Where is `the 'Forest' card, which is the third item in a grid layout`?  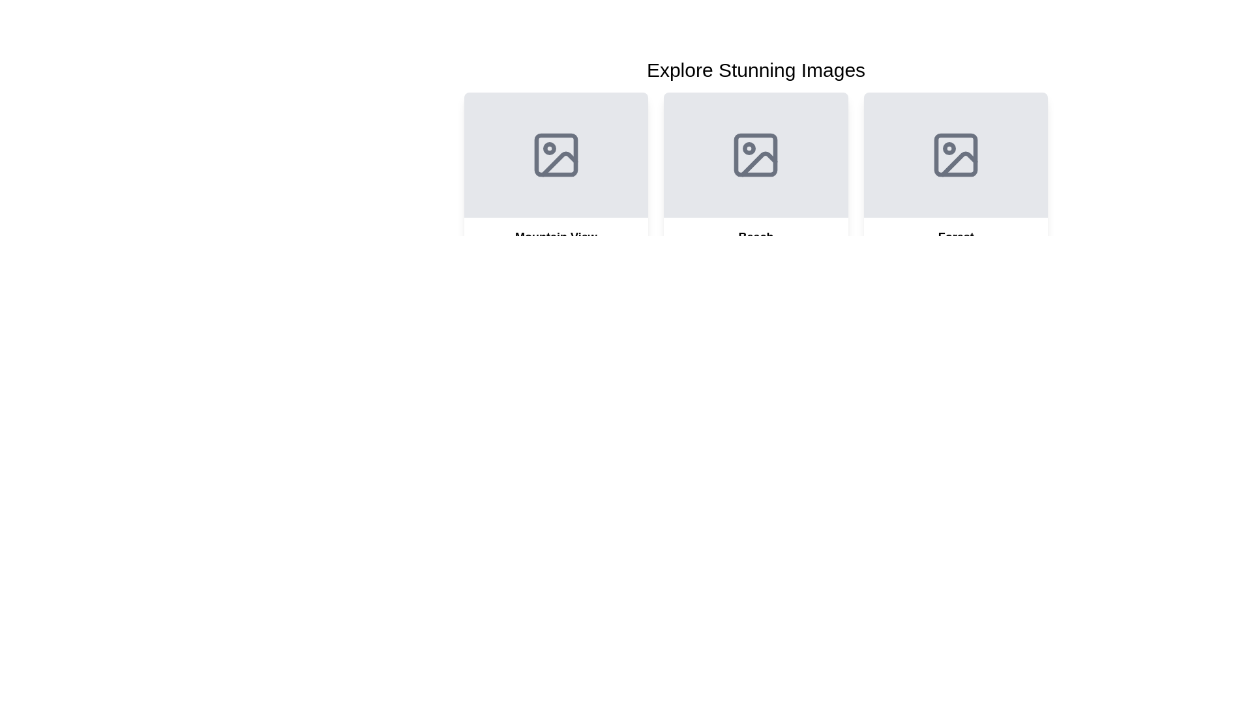
the 'Forest' card, which is the third item in a grid layout is located at coordinates (956, 194).